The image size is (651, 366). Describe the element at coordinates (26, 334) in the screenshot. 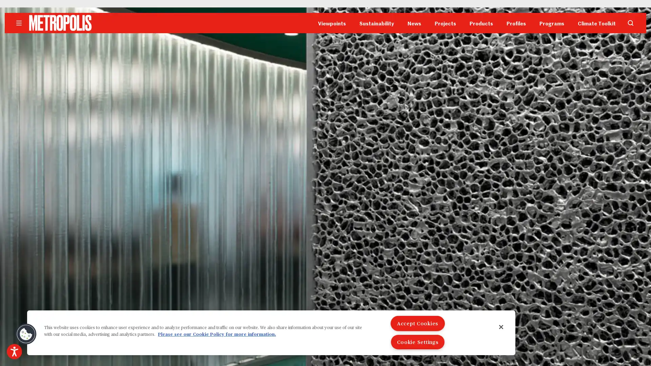

I see `Cookies` at that location.